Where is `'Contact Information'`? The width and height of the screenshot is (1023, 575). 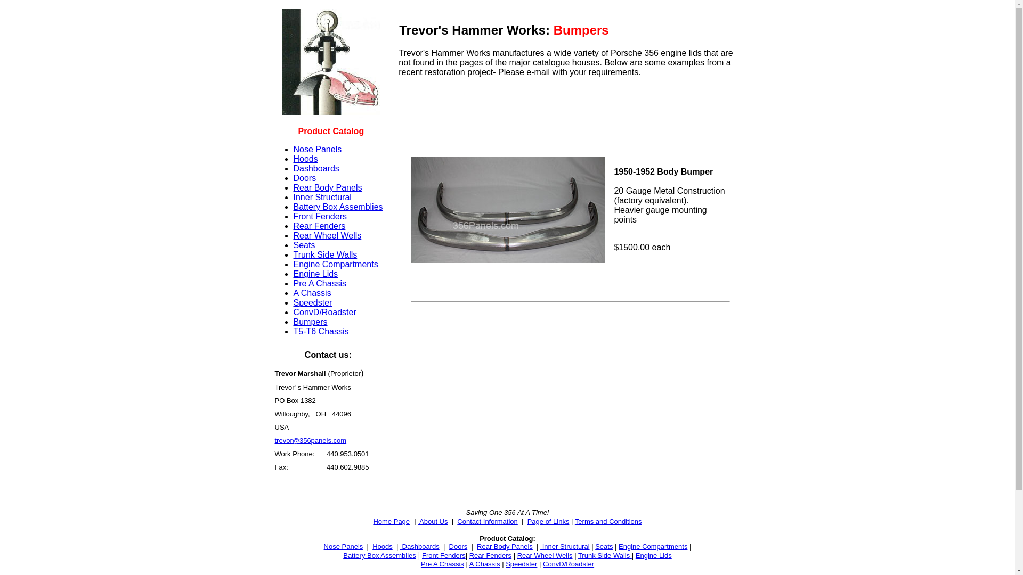
'Contact Information' is located at coordinates (486, 521).